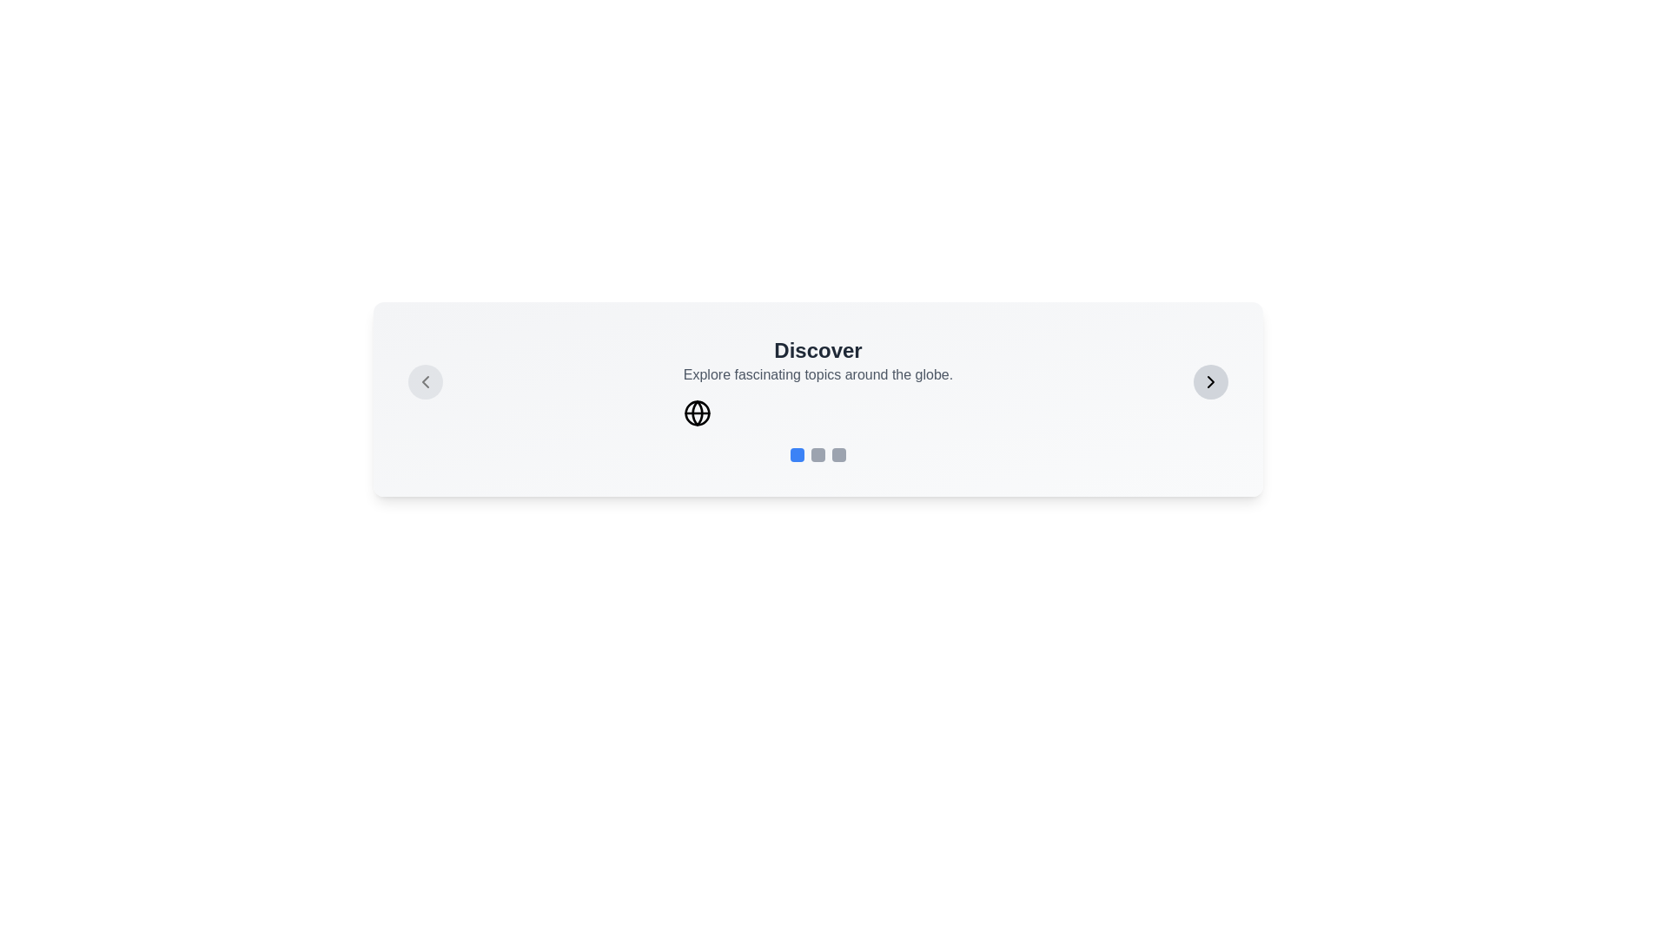 This screenshot has width=1668, height=938. What do you see at coordinates (425, 380) in the screenshot?
I see `the circular button with a light gray background featuring a left-pointing chevron arrow` at bounding box center [425, 380].